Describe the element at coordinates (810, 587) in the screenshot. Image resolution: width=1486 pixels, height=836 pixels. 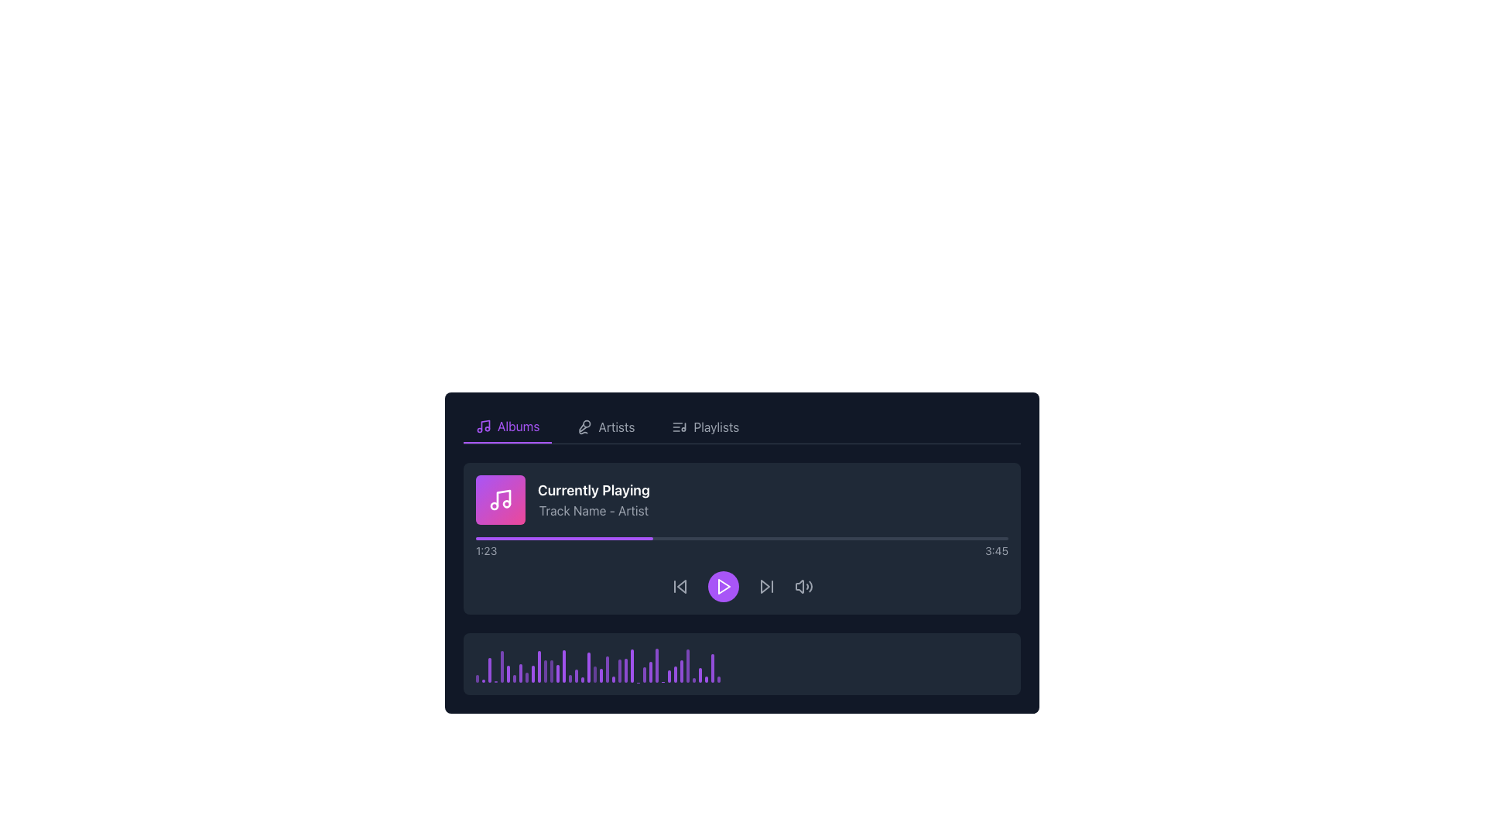
I see `the third wave line from the left in the bottom section of the media controls interface, which is a curved line representing part of a sound wave radiating outward` at that location.